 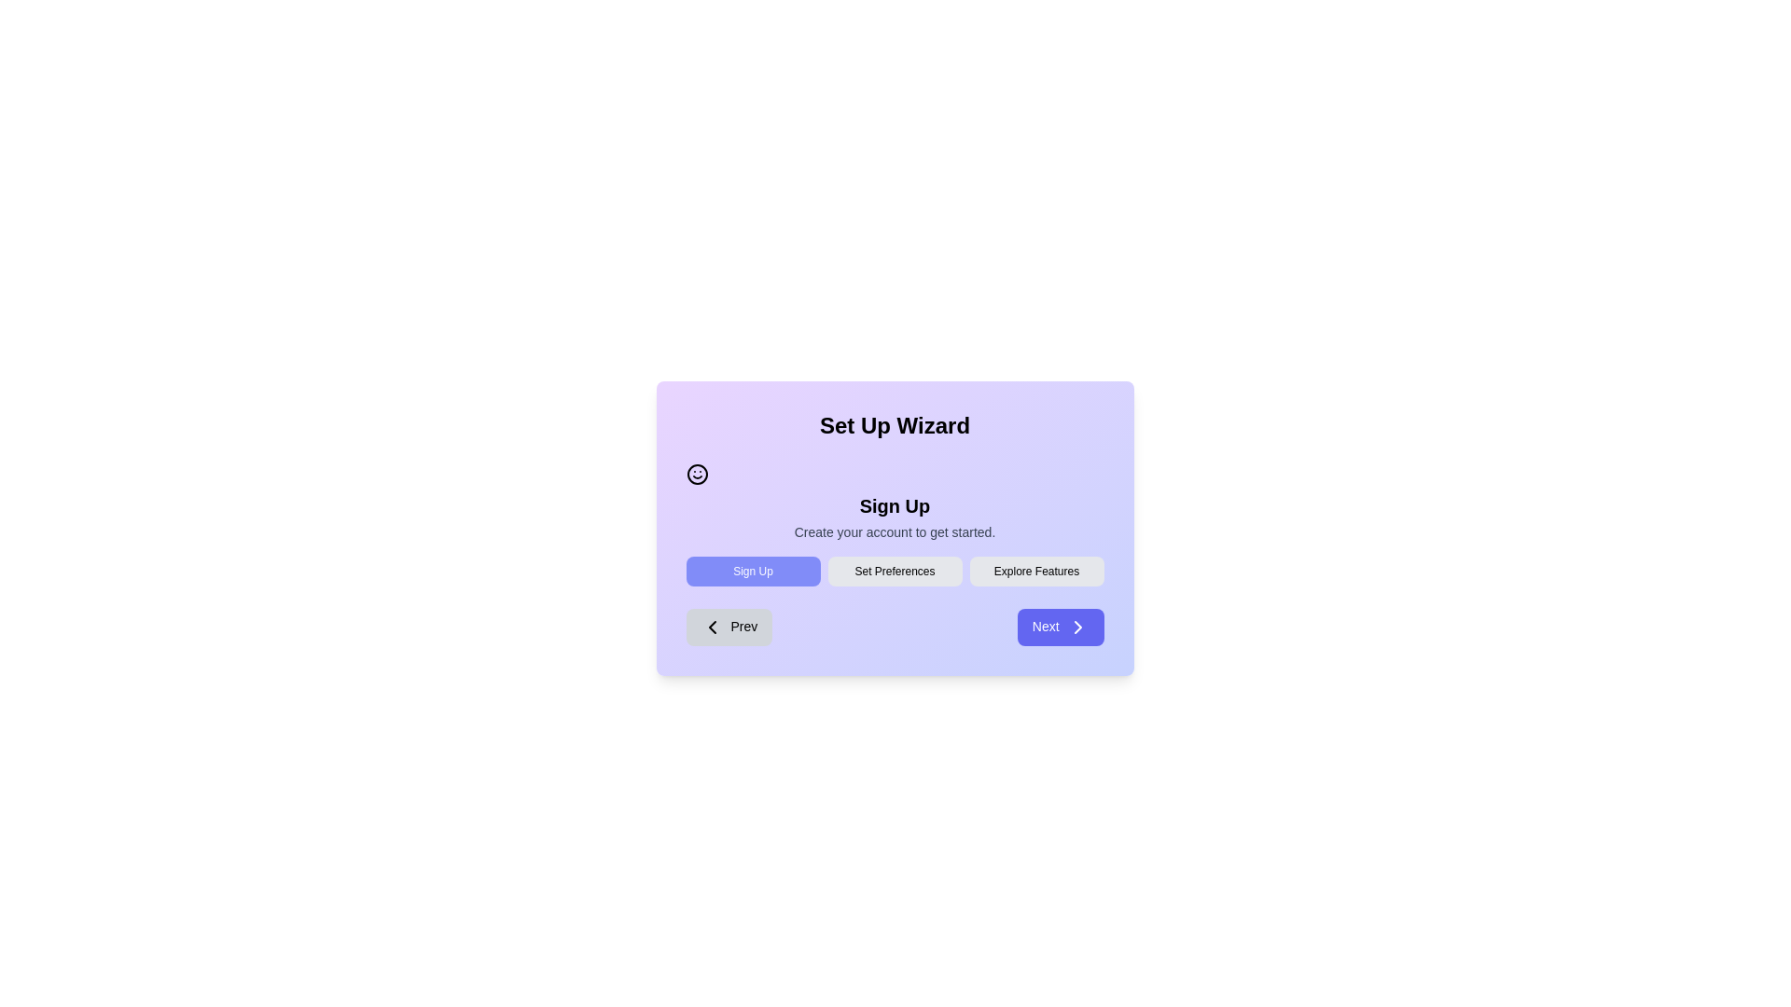 What do you see at coordinates (1035, 571) in the screenshot?
I see `text label within the button located to the right of the 'Set Preferences' button in the 'Set Up Wizard' dialog` at bounding box center [1035, 571].